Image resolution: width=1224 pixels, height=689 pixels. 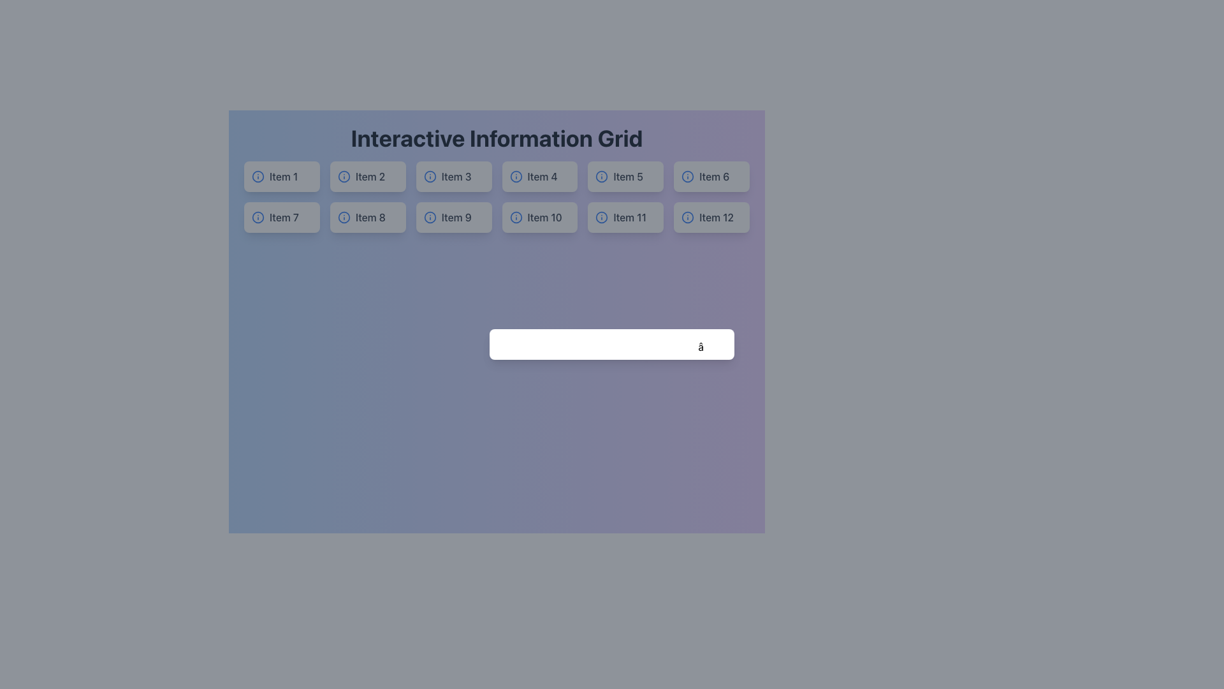 I want to click on the circular icon with an 'i' symbol next to the text label 'Item 7', so click(x=281, y=216).